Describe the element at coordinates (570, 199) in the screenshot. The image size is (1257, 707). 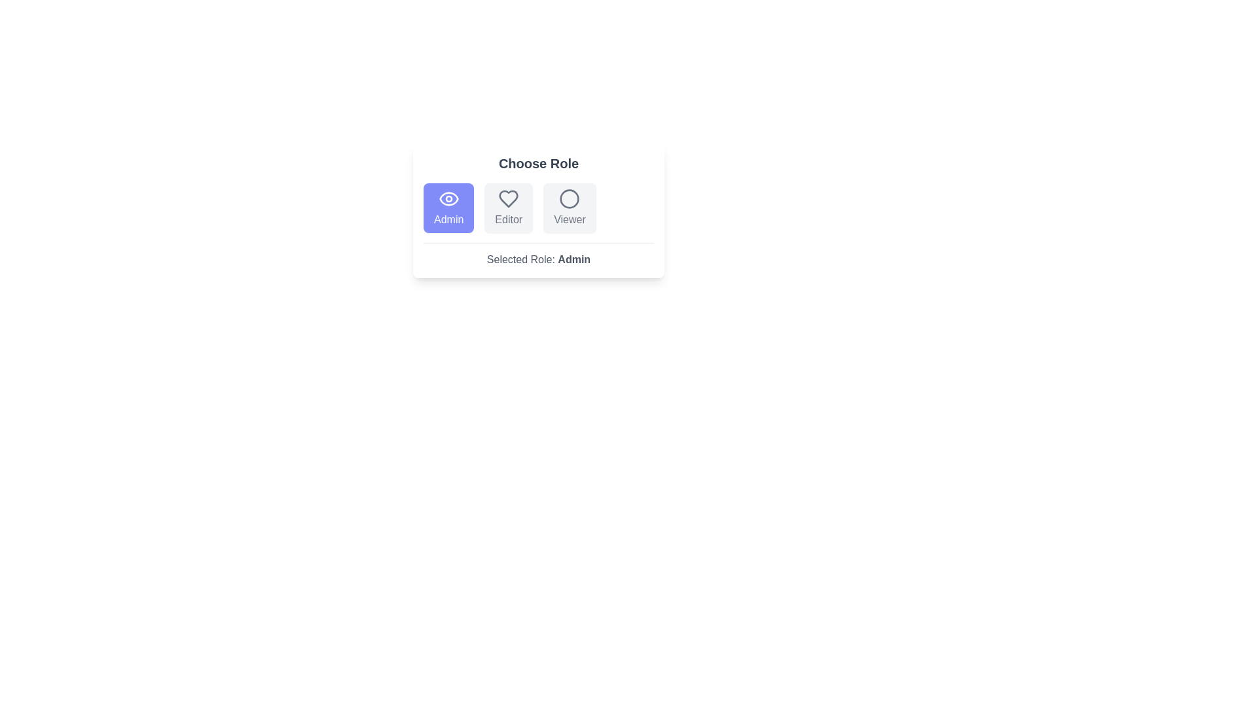
I see `the 'Viewer' role selection icon, which is the rightmost button among the three role selection options` at that location.